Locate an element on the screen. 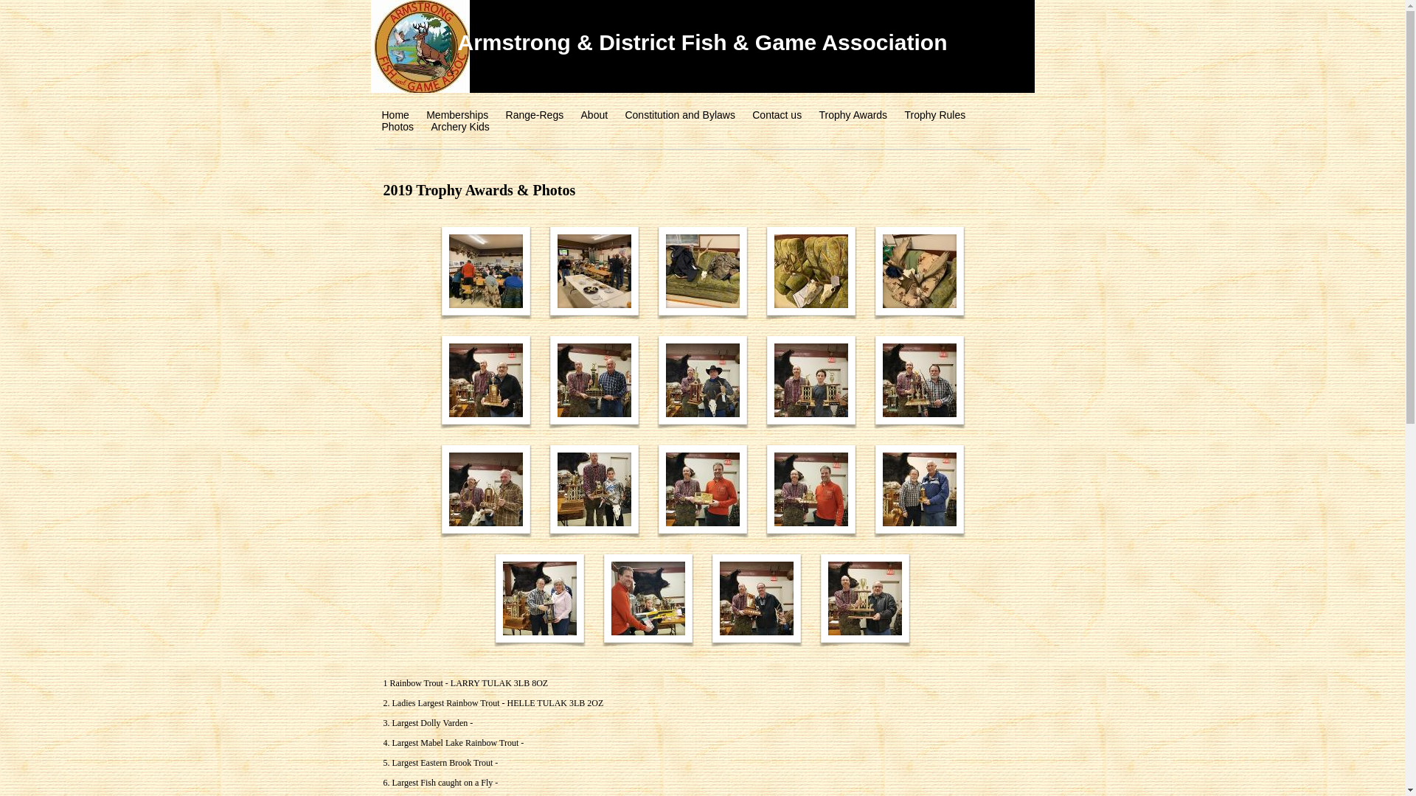  'Photos' is located at coordinates (382, 126).